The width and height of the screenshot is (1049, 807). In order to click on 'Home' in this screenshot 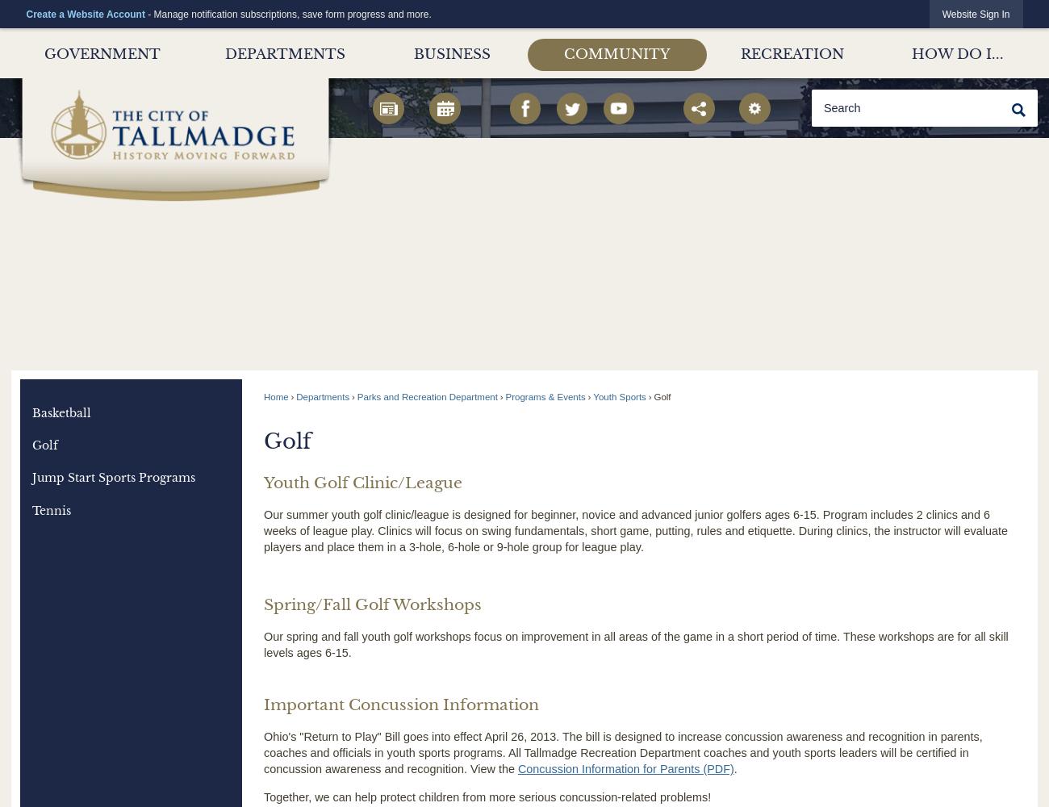, I will do `click(274, 396)`.